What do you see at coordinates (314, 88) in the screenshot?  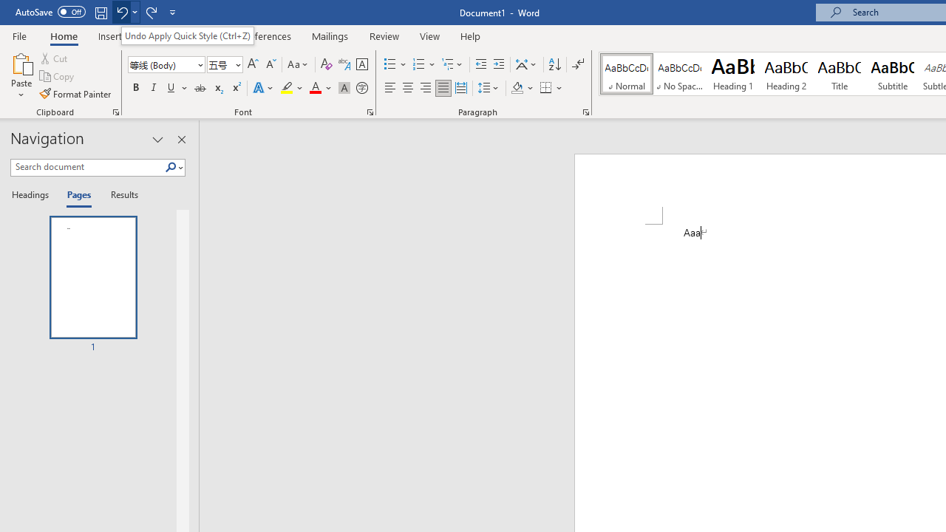 I see `'Font Color Red'` at bounding box center [314, 88].